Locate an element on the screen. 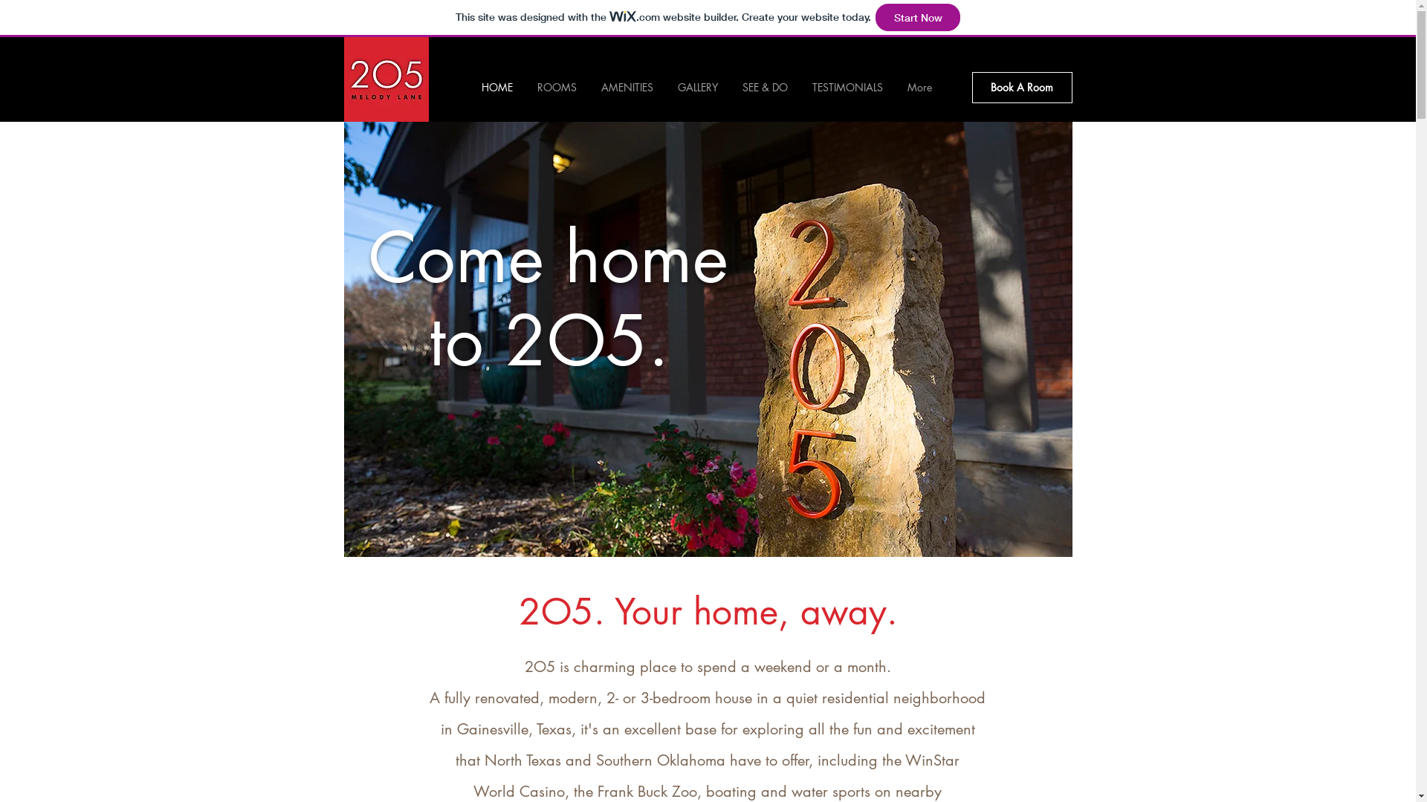 This screenshot has width=1427, height=802. 'Book A Room' is located at coordinates (1021, 88).